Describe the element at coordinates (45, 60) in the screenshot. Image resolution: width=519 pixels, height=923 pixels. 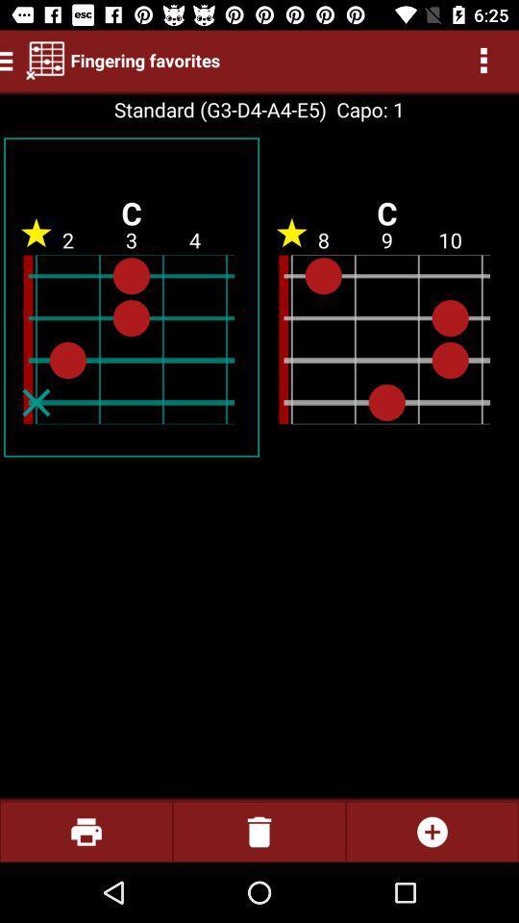
I see `item next to the fingering favorites` at that location.